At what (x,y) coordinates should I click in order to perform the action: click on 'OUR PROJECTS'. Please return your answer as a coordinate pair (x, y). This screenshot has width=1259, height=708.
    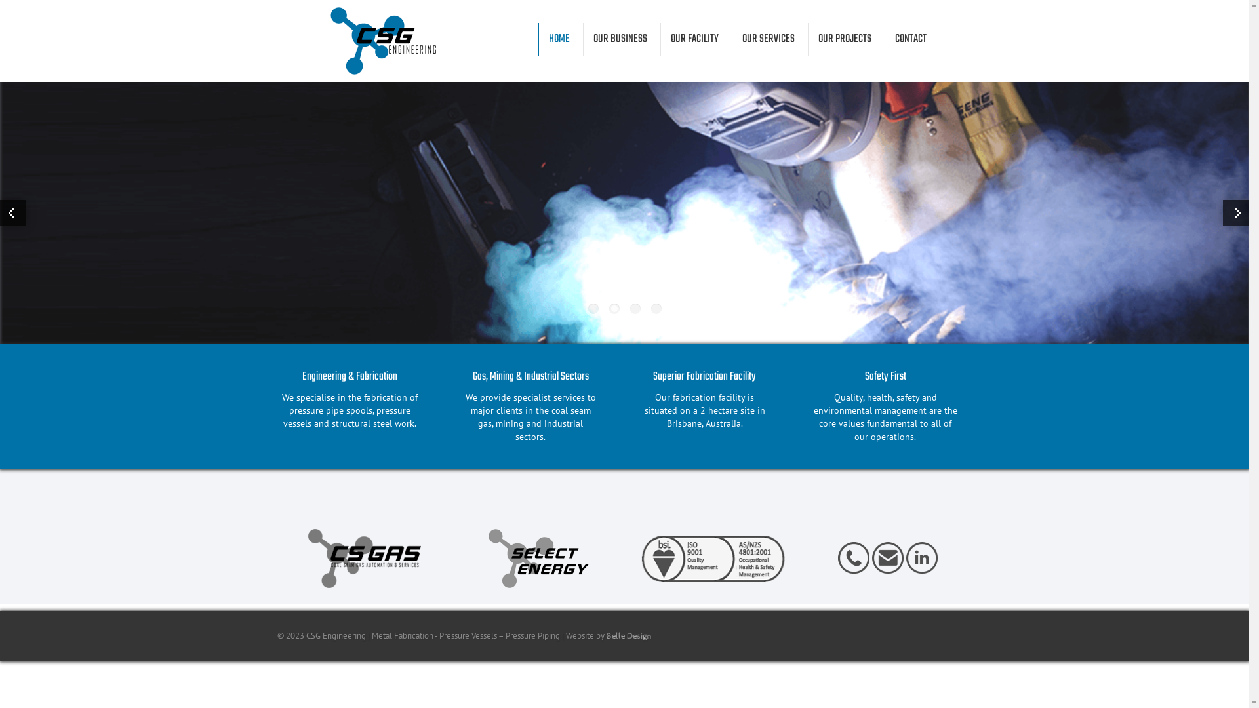
    Looking at the image, I should click on (845, 39).